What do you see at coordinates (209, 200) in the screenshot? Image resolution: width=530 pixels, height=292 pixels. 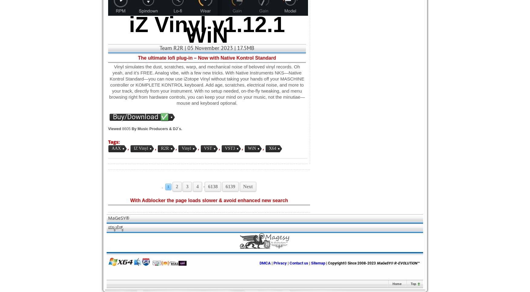 I see `'With Adblocker the page loads slower & avoid enhanced new search'` at bounding box center [209, 200].